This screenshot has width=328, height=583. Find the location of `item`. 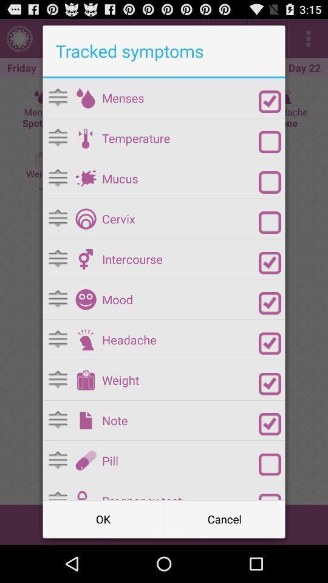

item is located at coordinates (270, 464).